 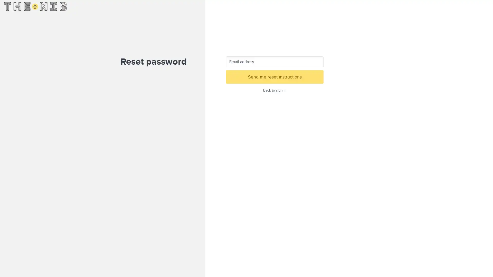 I want to click on Send me reset instructions, so click(x=274, y=77).